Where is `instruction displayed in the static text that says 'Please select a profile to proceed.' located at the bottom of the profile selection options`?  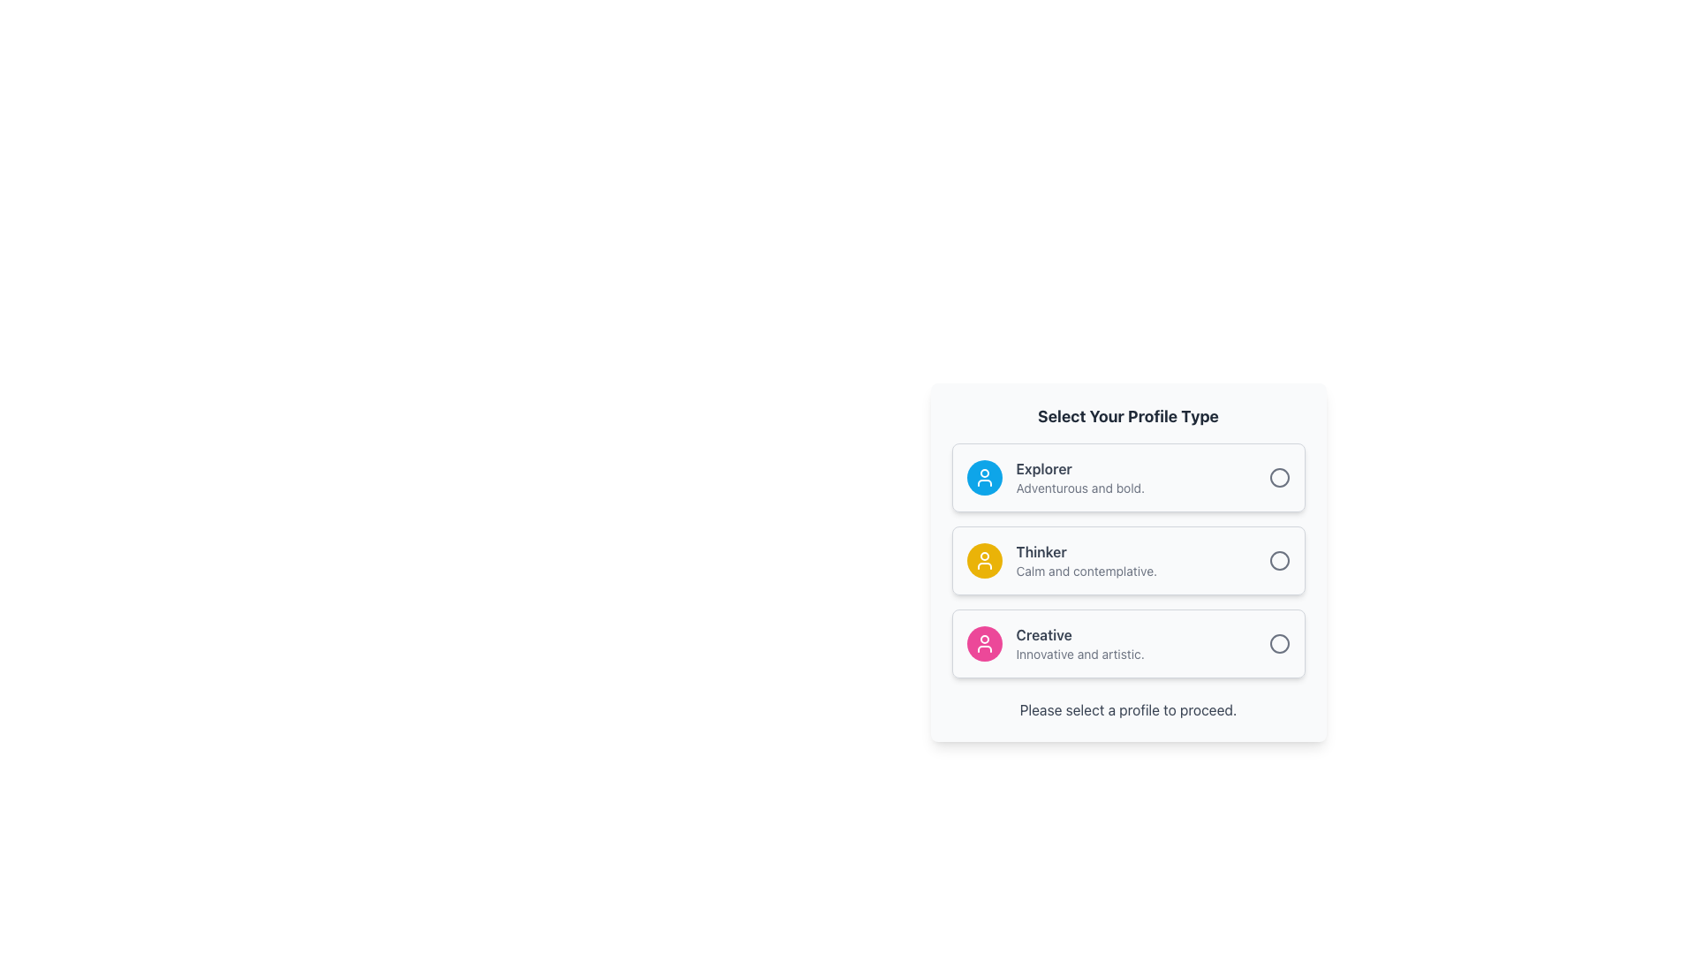 instruction displayed in the static text that says 'Please select a profile to proceed.' located at the bottom of the profile selection options is located at coordinates (1127, 708).